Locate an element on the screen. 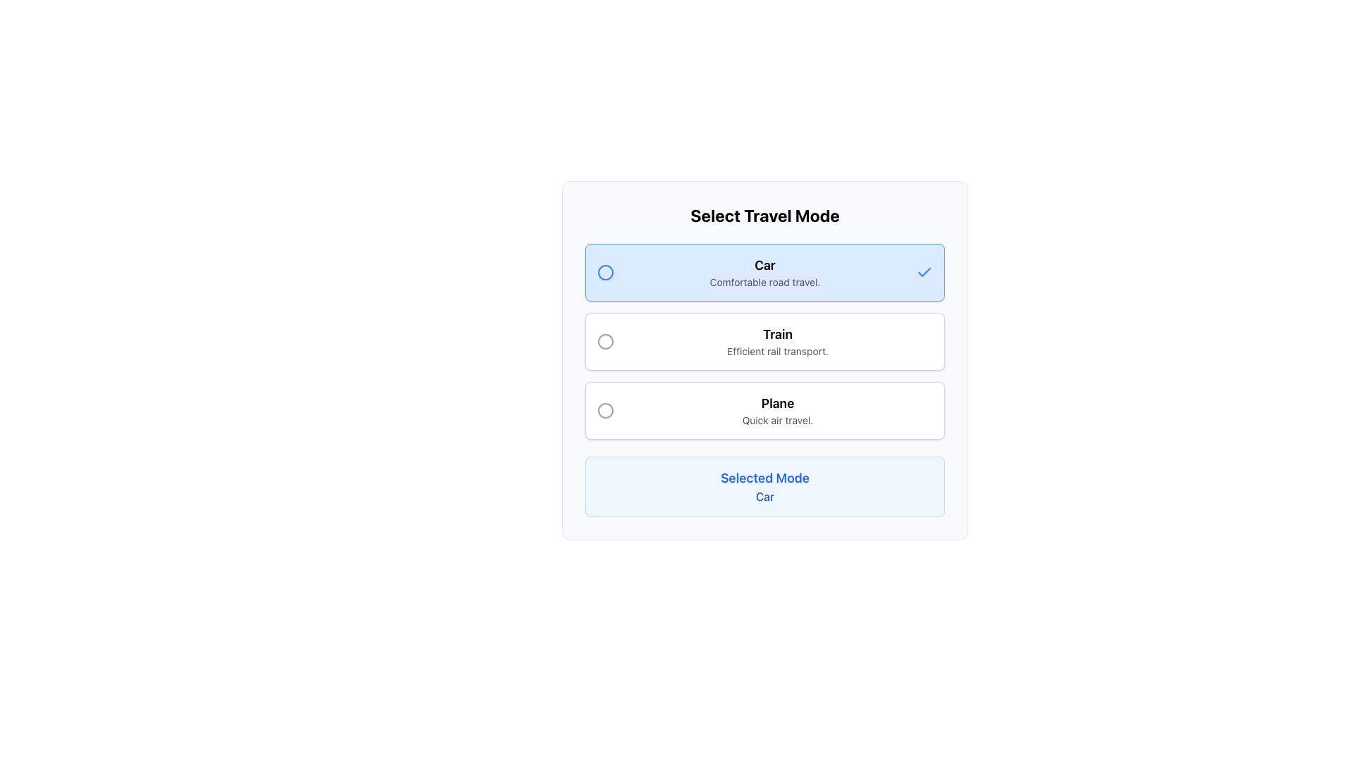 The image size is (1354, 761). the text label providing a descriptive subtitle for the 'Plane' travel mode option, which is located directly below the text 'Plane' in the 'Select Travel Mode' interface is located at coordinates (777, 420).